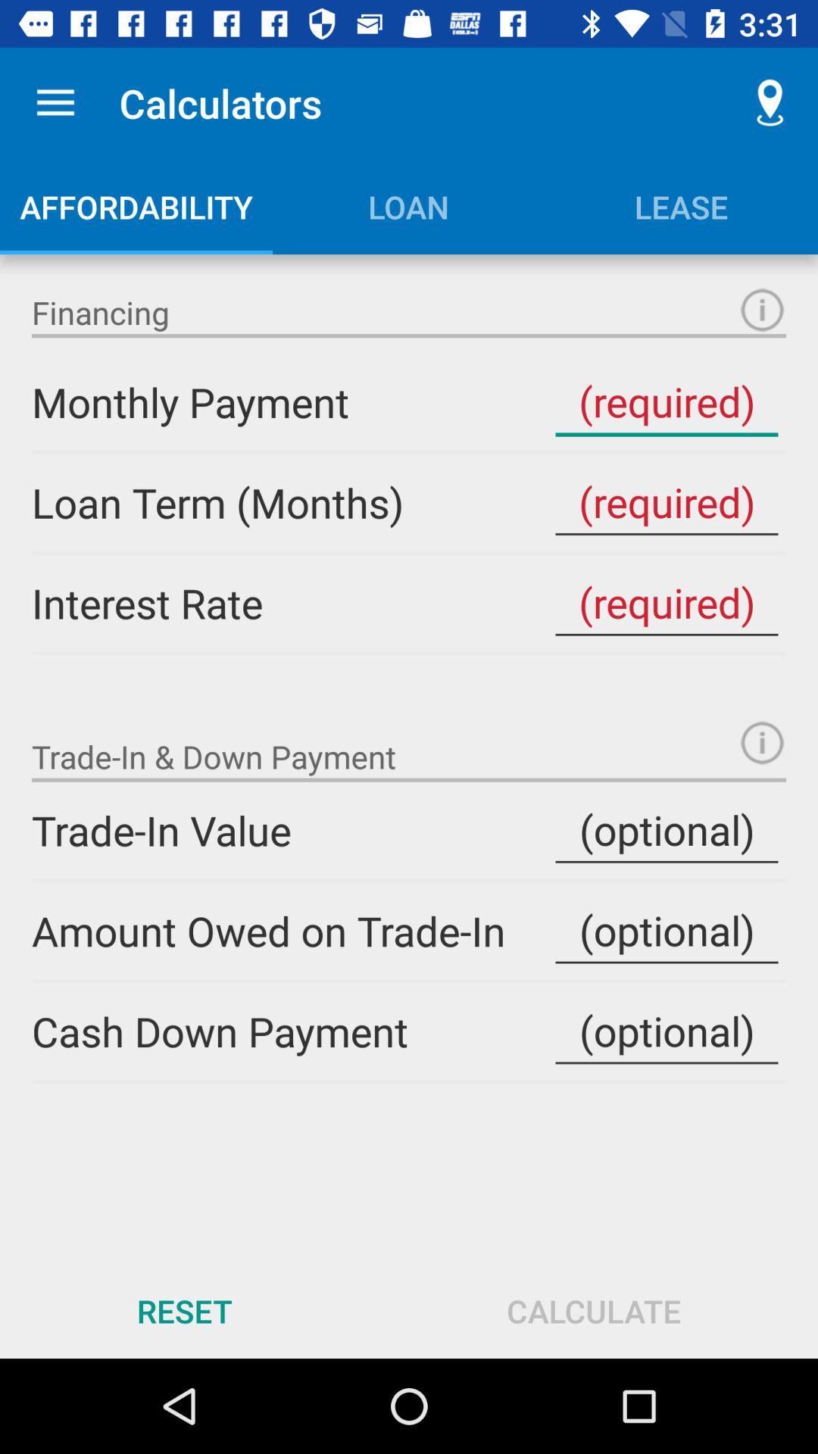 The height and width of the screenshot is (1454, 818). What do you see at coordinates (762, 309) in the screenshot?
I see `the icon to the right of the financing icon` at bounding box center [762, 309].